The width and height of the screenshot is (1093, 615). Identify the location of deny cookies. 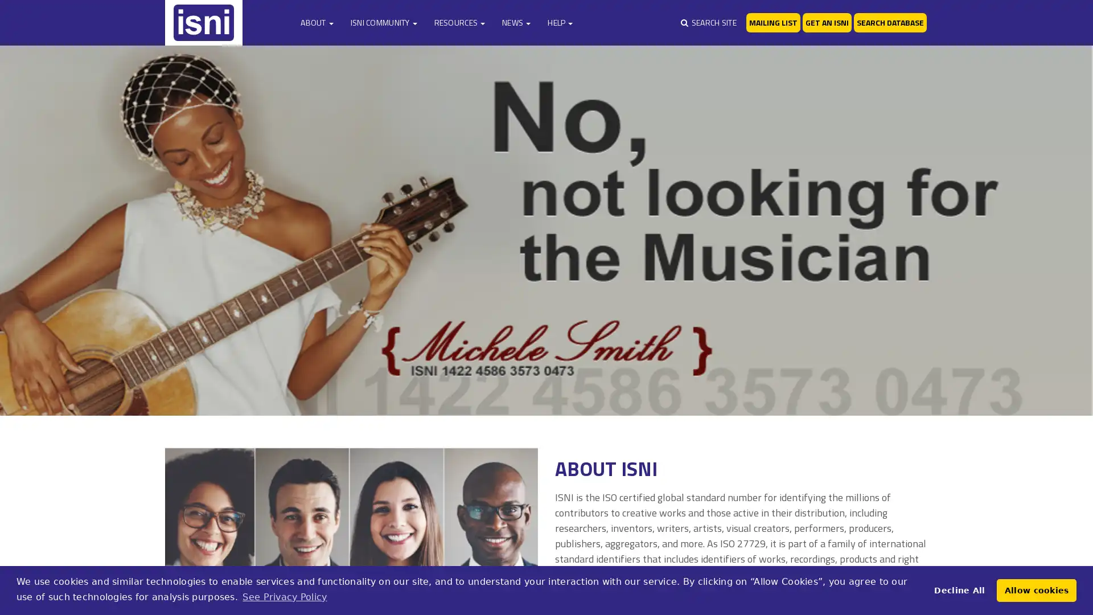
(959, 589).